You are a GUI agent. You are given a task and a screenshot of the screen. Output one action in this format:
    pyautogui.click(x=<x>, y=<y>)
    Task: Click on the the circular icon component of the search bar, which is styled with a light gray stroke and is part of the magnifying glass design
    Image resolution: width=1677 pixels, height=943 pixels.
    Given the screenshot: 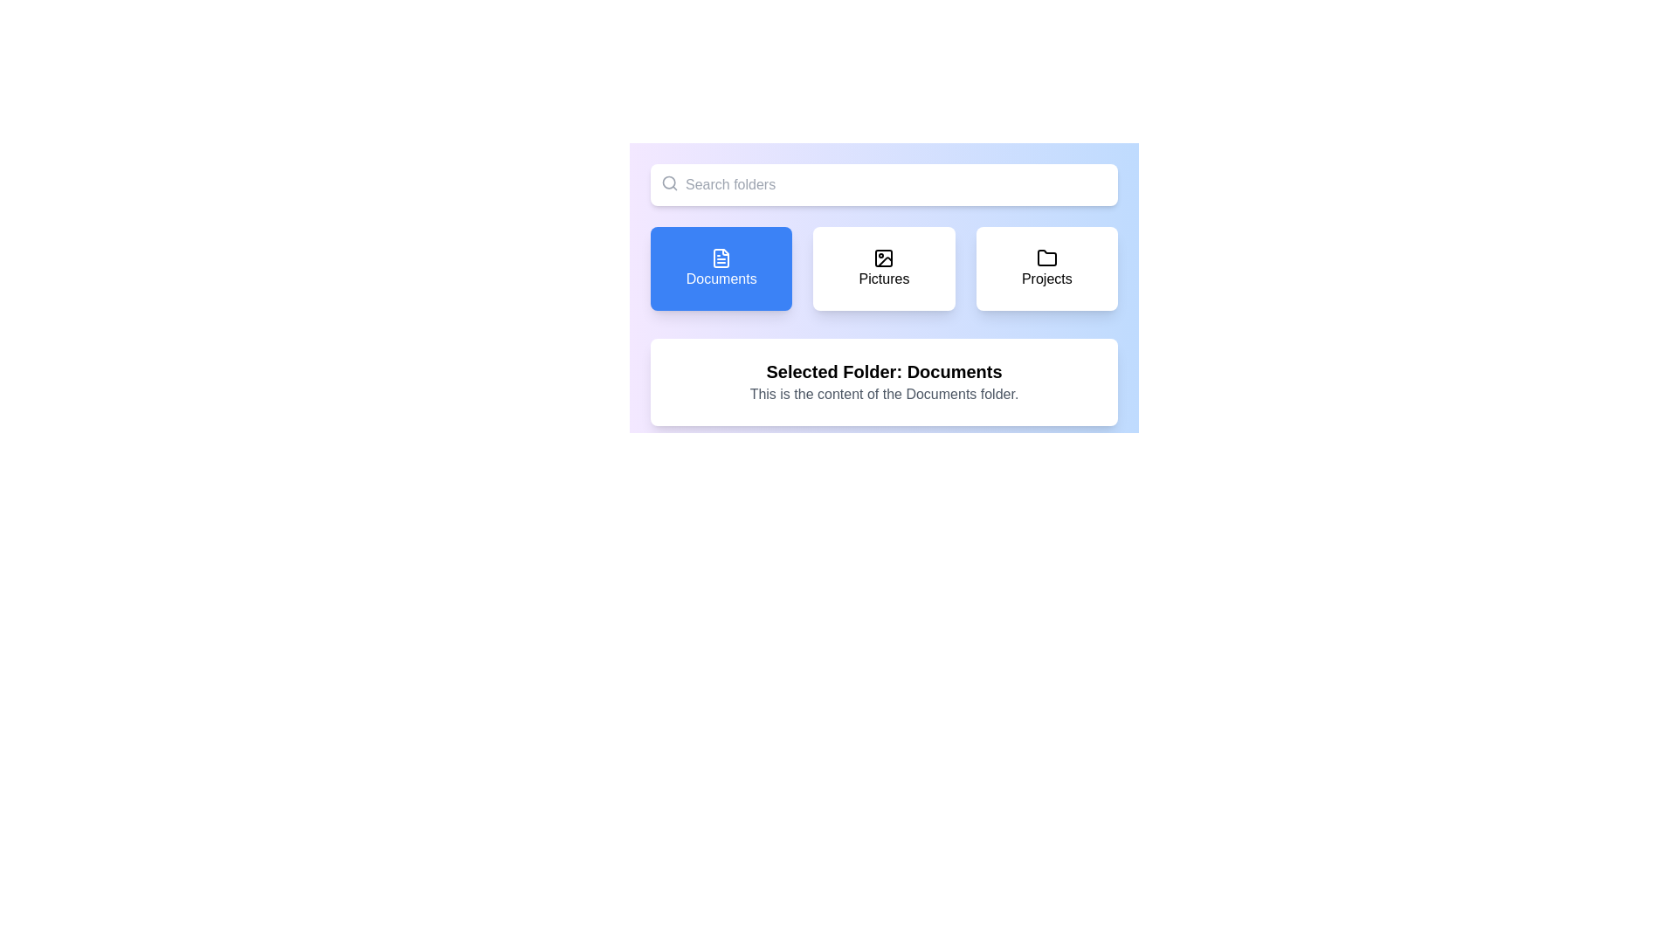 What is the action you would take?
    pyautogui.click(x=668, y=182)
    